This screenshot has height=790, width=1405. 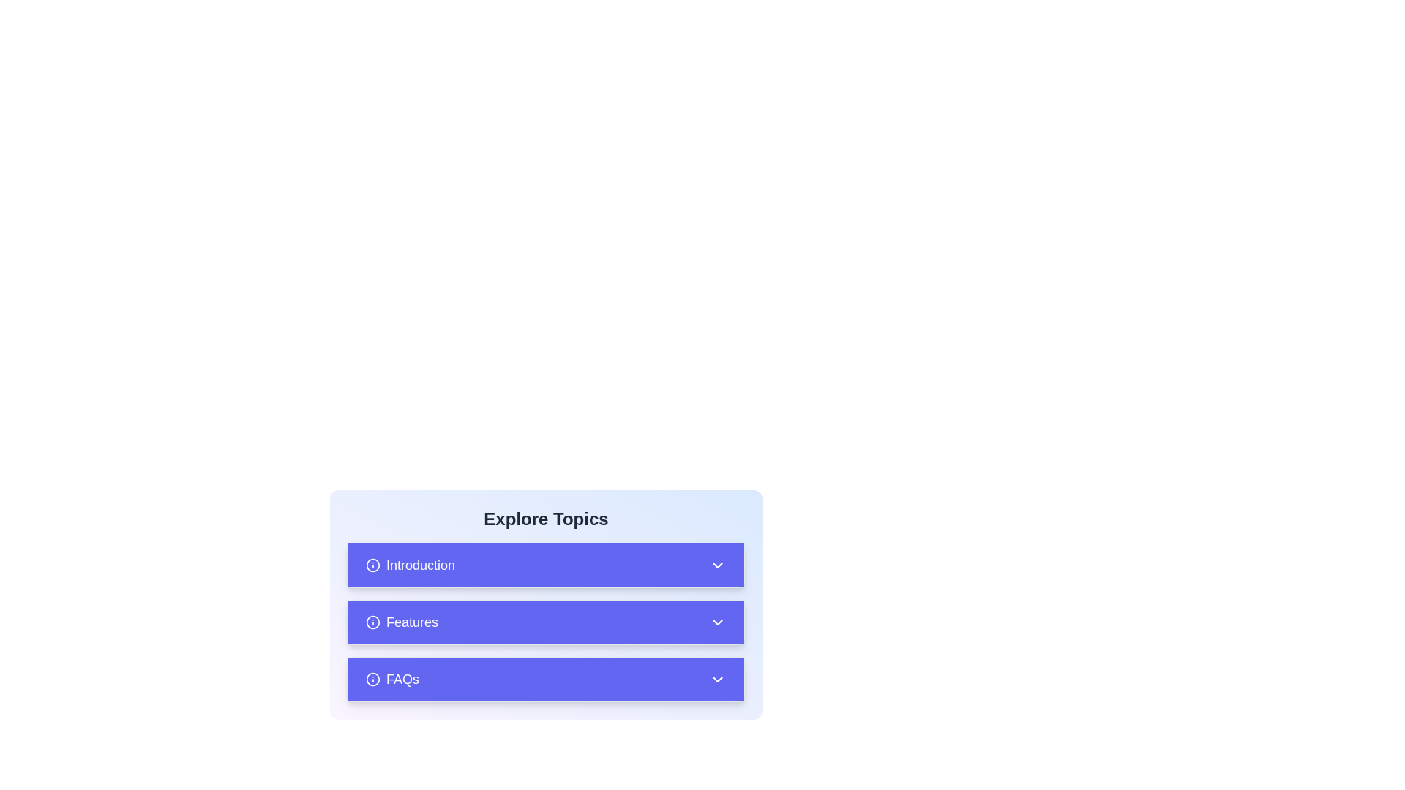 What do you see at coordinates (372, 622) in the screenshot?
I see `the information icon associated with the 'Features' option in the 'Explore Topics' menu, located to the left of the text label 'Features'` at bounding box center [372, 622].